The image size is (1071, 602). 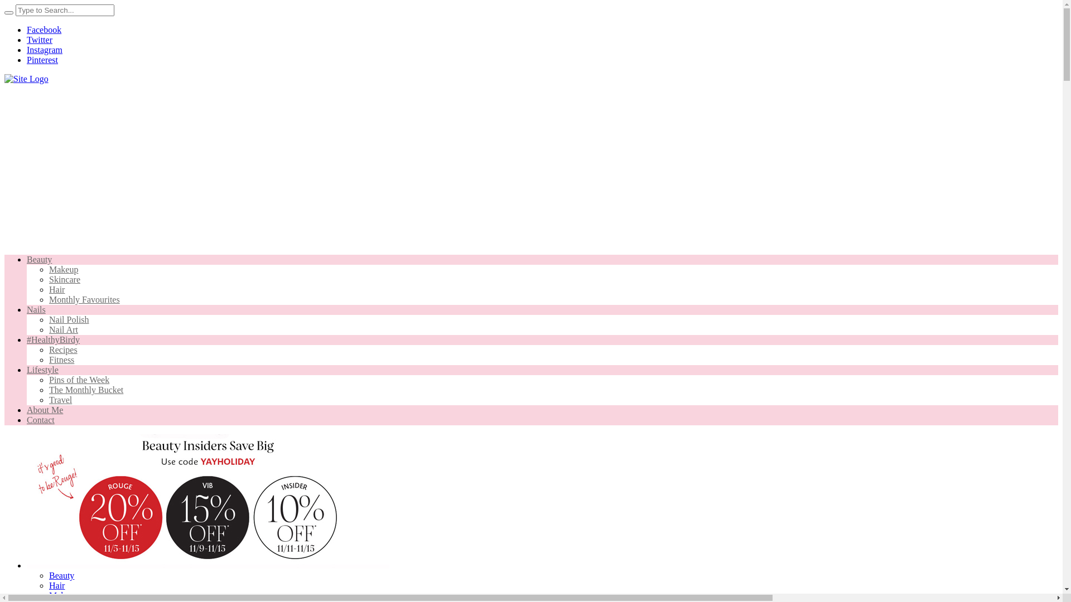 I want to click on 'About Me', so click(x=45, y=410).